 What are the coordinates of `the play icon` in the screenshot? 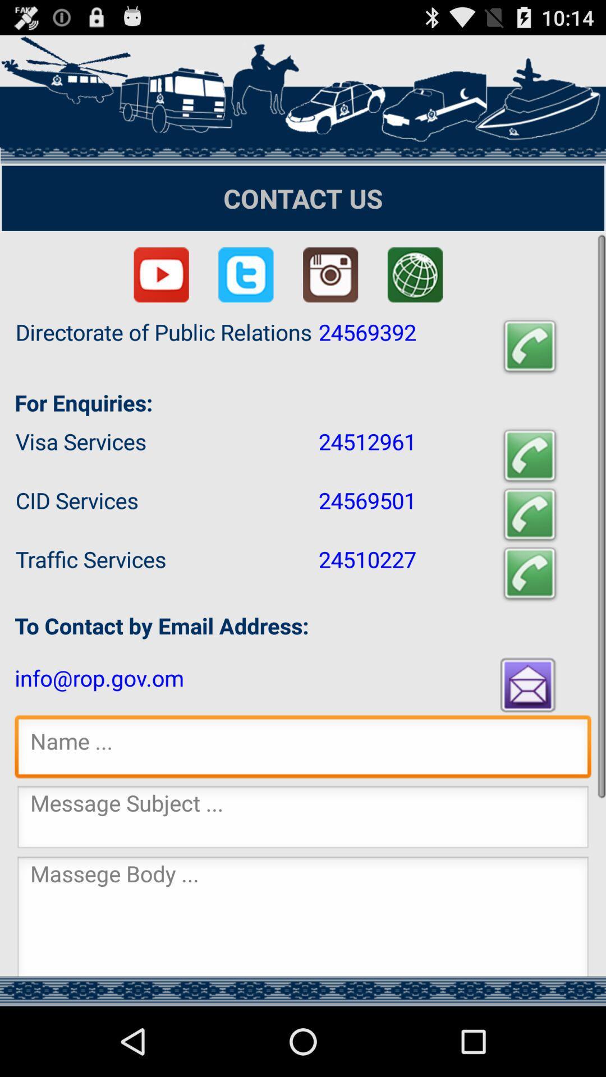 It's located at (161, 294).